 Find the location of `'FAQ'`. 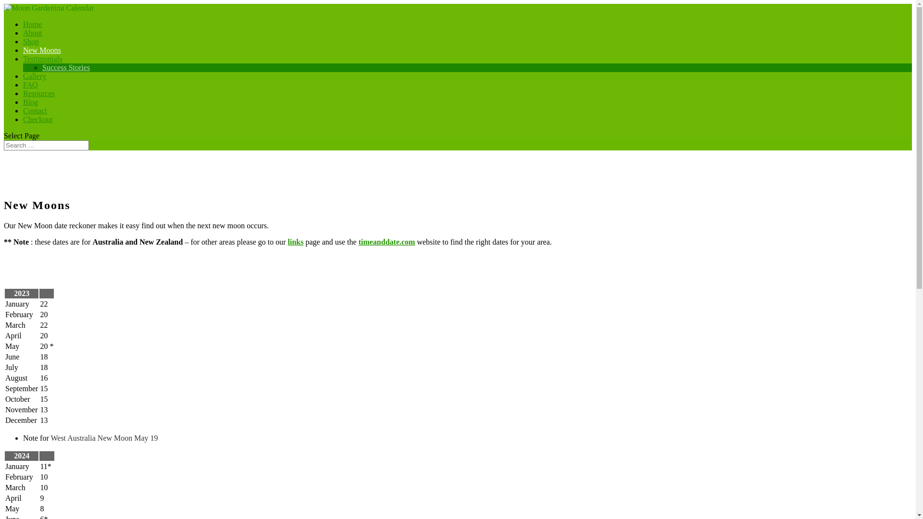

'FAQ' is located at coordinates (30, 89).